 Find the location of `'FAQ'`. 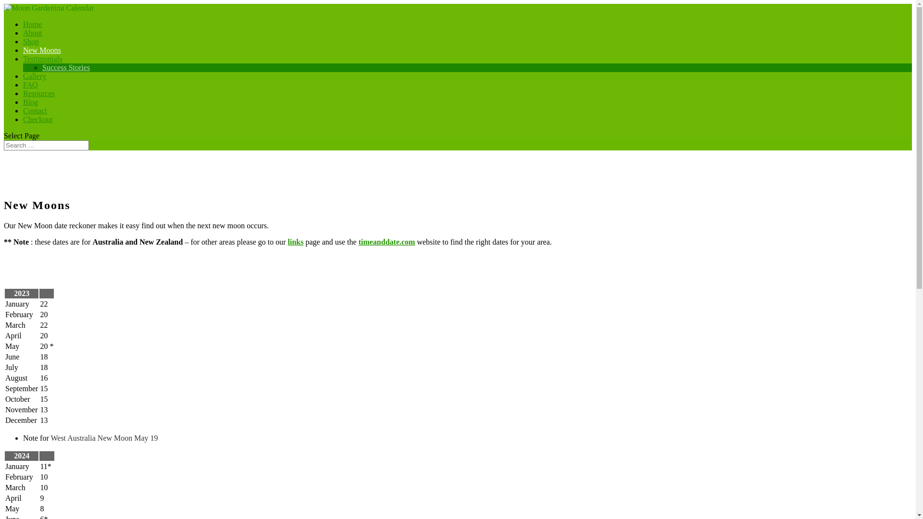

'FAQ' is located at coordinates (30, 89).